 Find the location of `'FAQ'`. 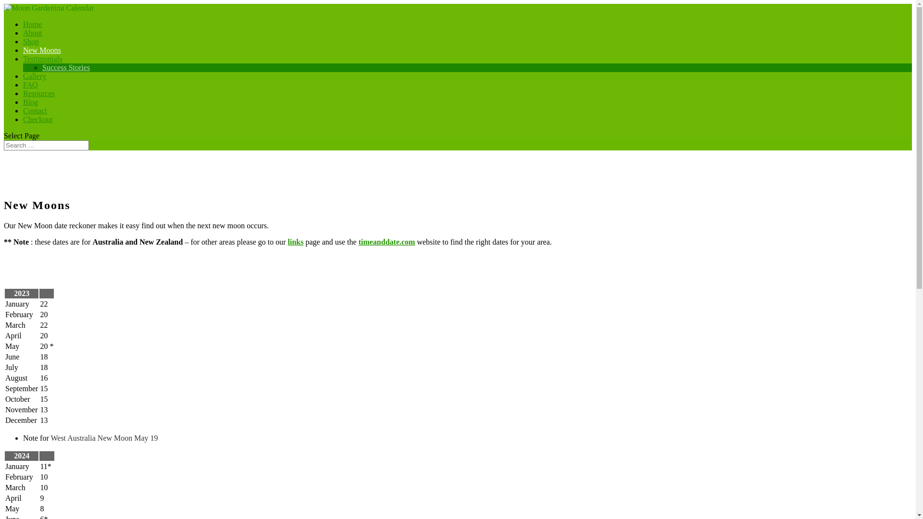

'FAQ' is located at coordinates (30, 89).